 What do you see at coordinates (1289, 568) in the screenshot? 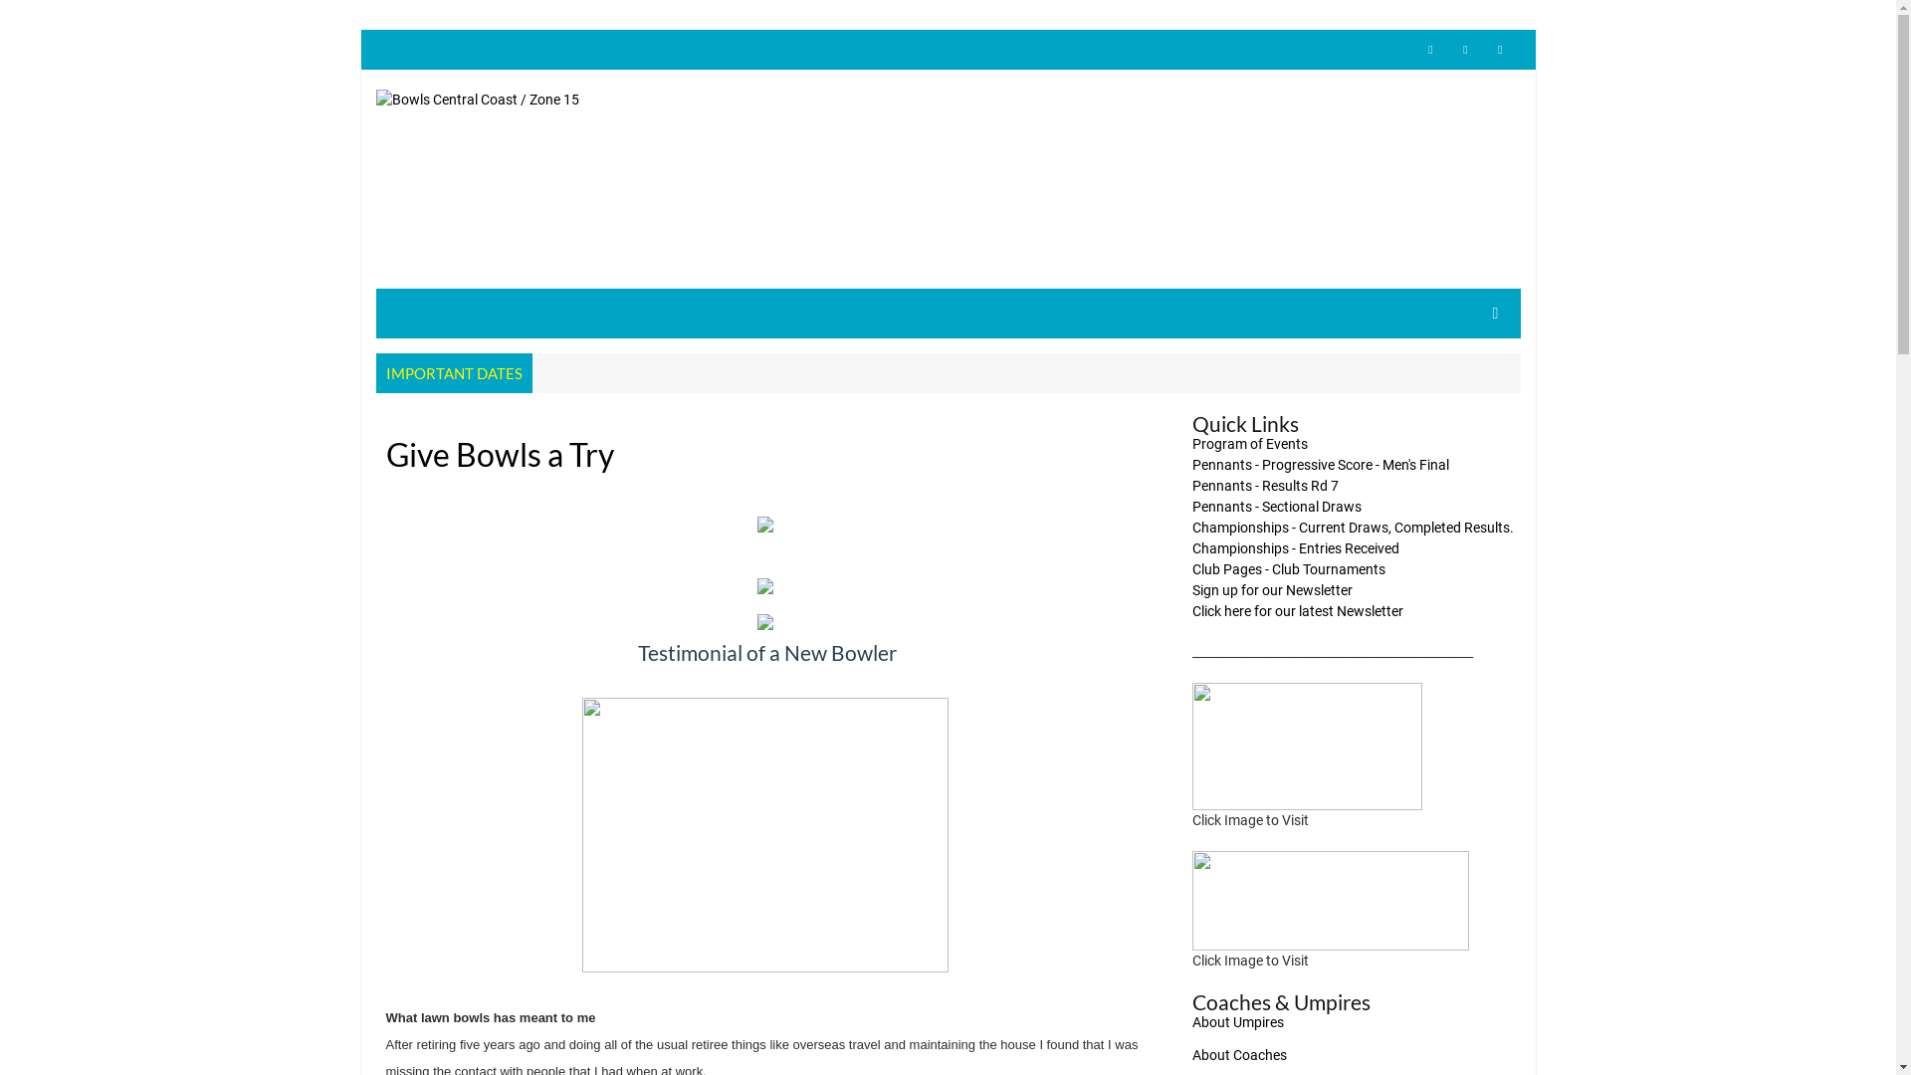
I see `'Club Pages - Club Tournaments'` at bounding box center [1289, 568].